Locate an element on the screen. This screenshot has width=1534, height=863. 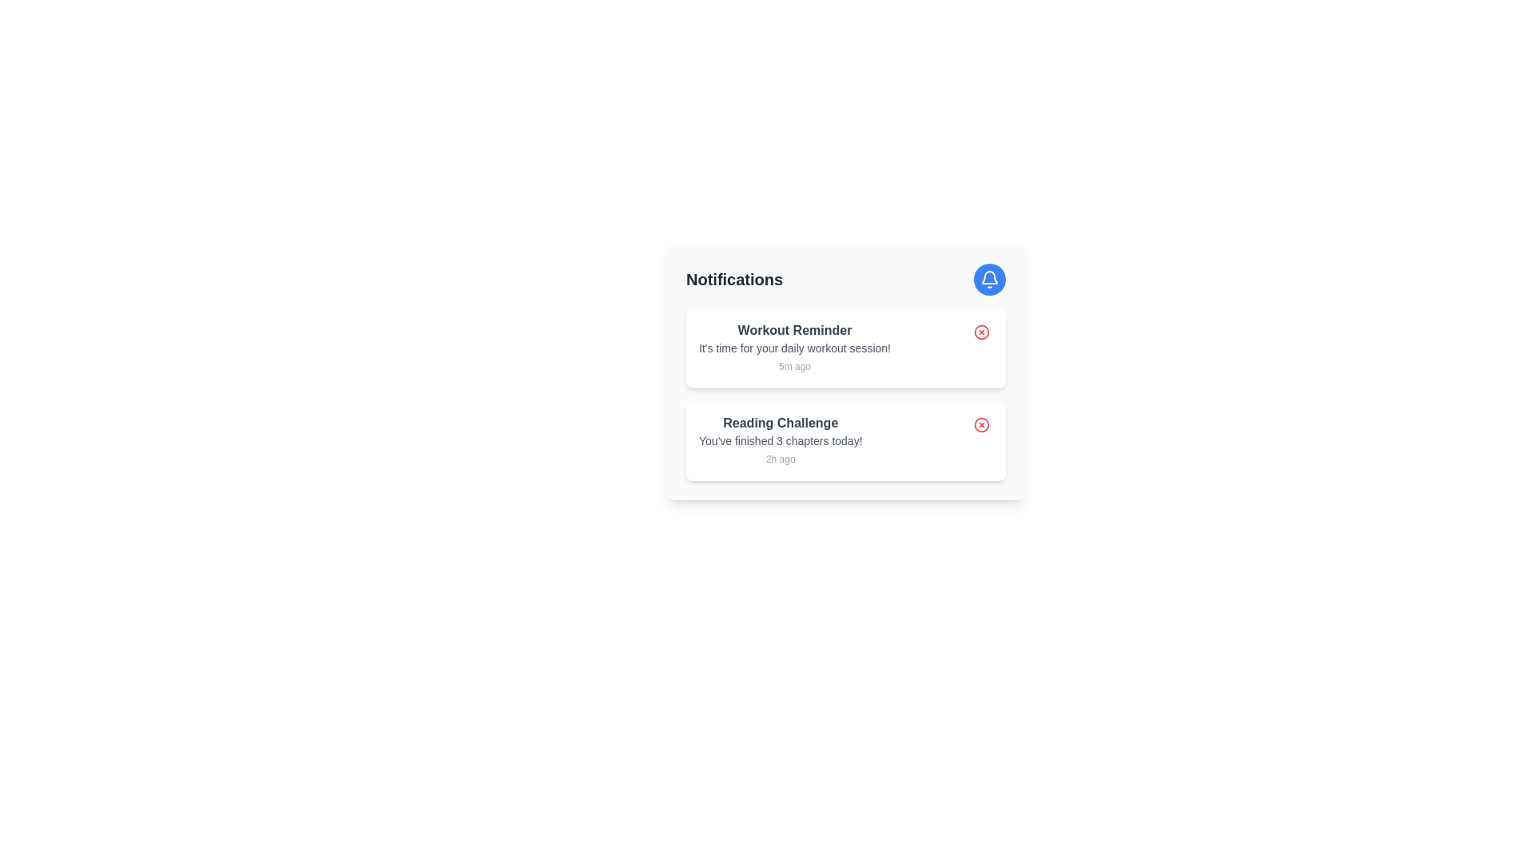
the timestamp text label '5m ago' located in the bottom right corner of the 'Workout Reminder' notification card is located at coordinates (794, 367).